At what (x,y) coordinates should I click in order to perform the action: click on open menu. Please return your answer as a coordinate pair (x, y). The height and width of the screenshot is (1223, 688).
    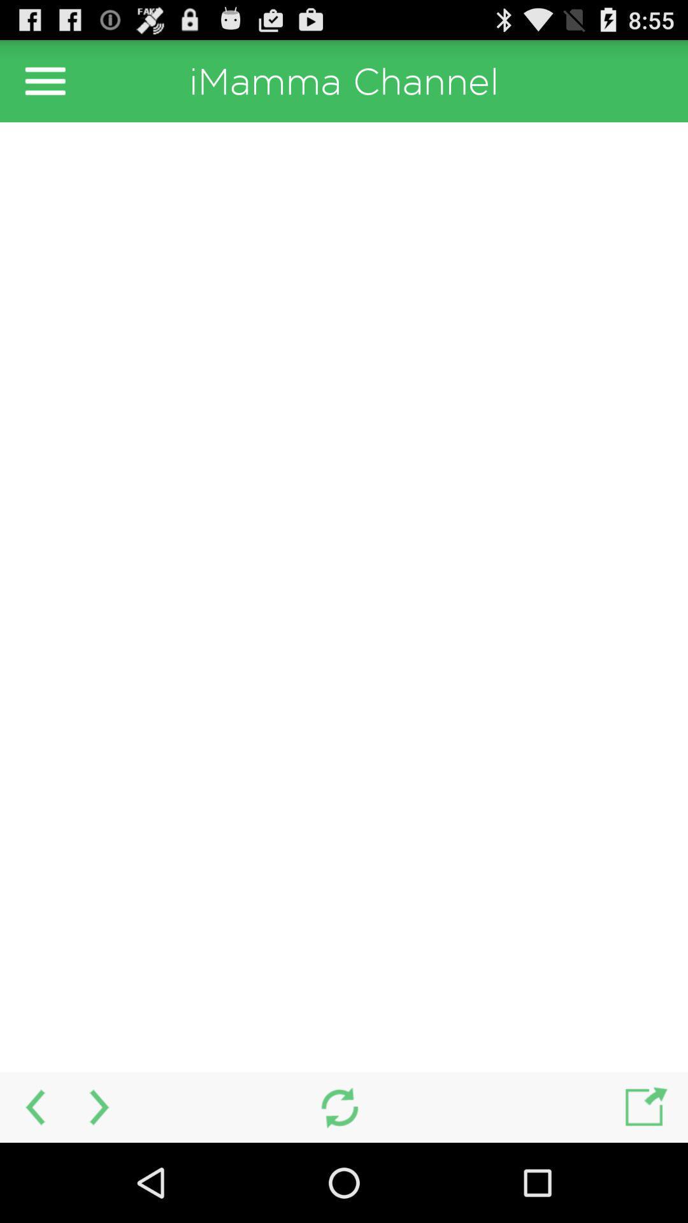
    Looking at the image, I should click on (45, 80).